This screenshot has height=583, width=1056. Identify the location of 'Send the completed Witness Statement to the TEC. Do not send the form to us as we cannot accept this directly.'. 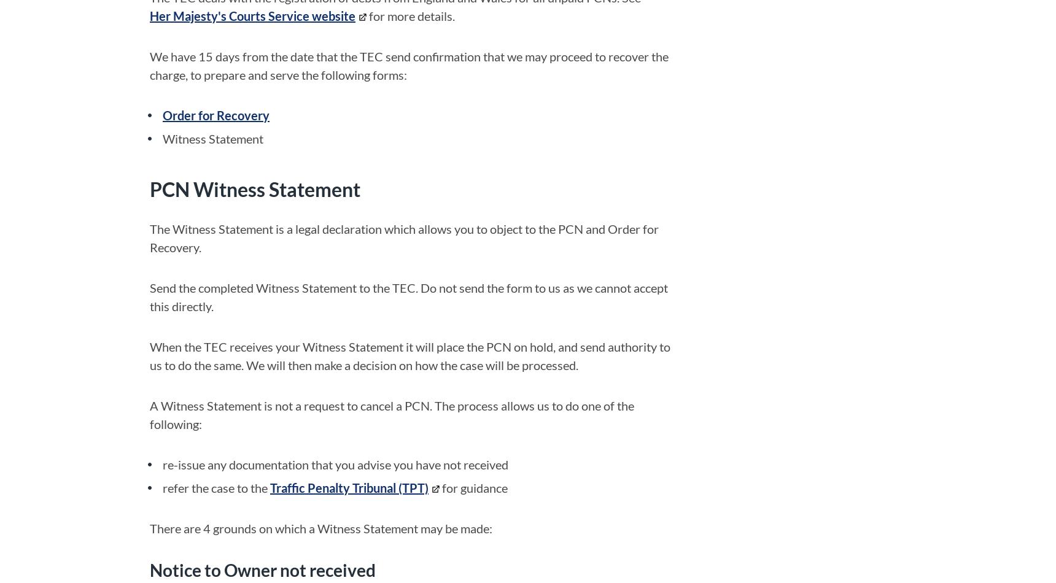
(408, 296).